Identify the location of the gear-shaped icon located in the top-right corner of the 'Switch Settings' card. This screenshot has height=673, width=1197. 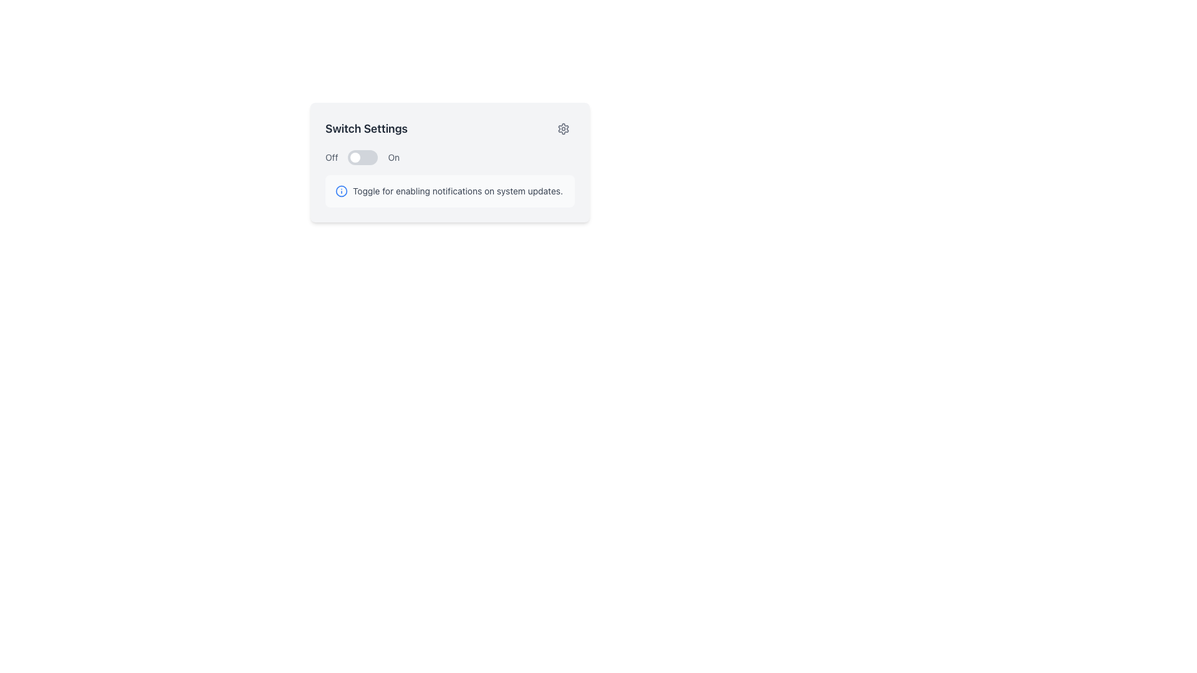
(562, 129).